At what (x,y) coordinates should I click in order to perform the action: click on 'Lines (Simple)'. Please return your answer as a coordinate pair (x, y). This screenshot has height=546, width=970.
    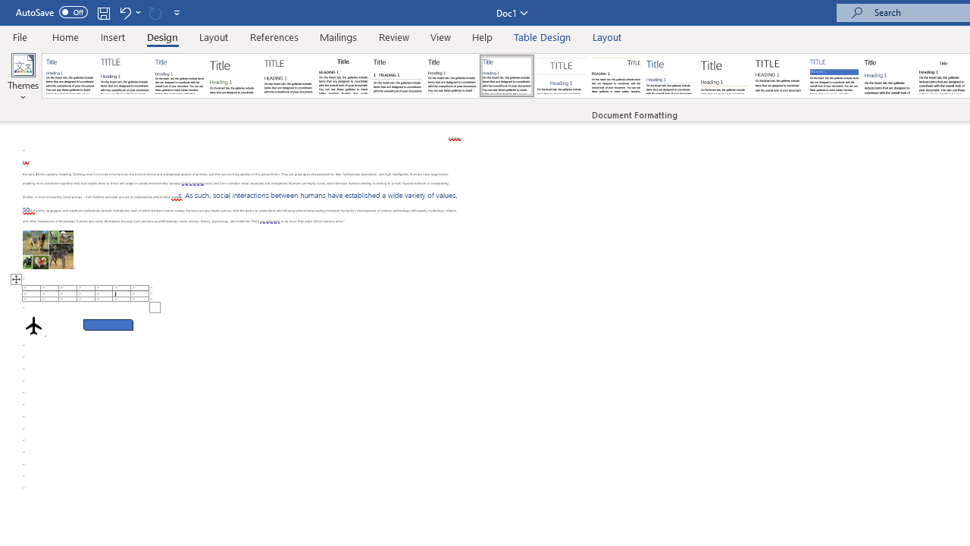
    Looking at the image, I should click on (670, 76).